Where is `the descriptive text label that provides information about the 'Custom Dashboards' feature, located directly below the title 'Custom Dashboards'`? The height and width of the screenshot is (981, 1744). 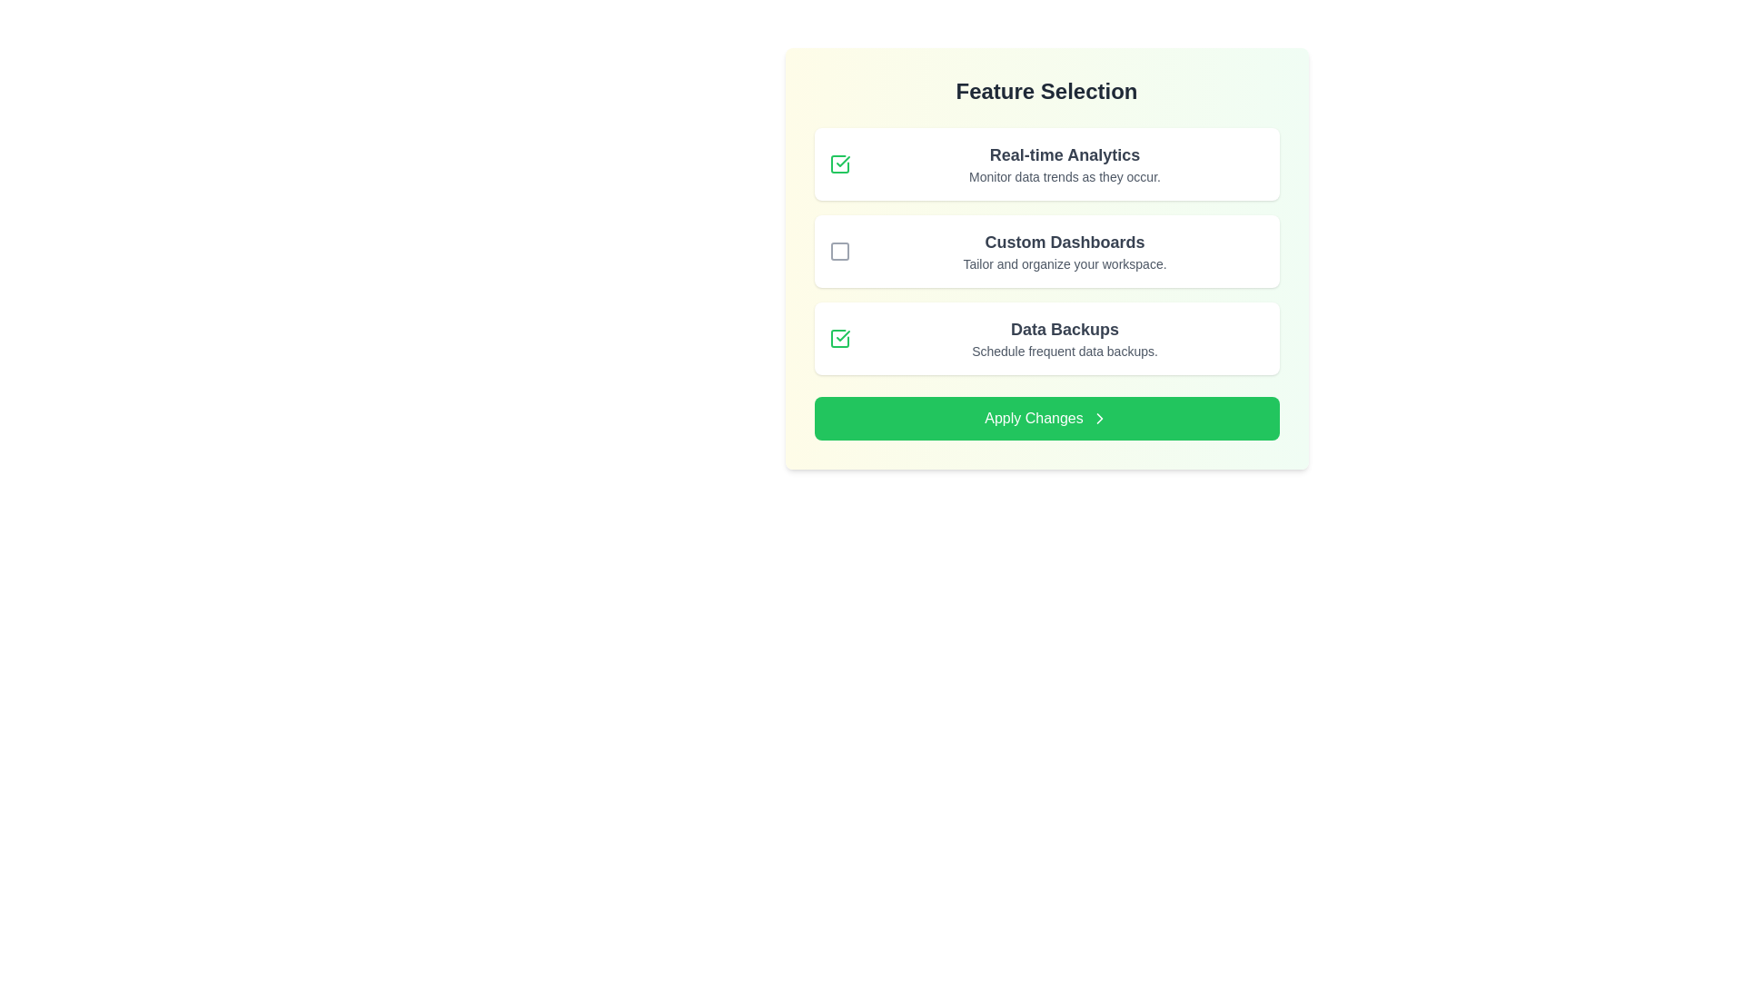
the descriptive text label that provides information about the 'Custom Dashboards' feature, located directly below the title 'Custom Dashboards' is located at coordinates (1065, 263).